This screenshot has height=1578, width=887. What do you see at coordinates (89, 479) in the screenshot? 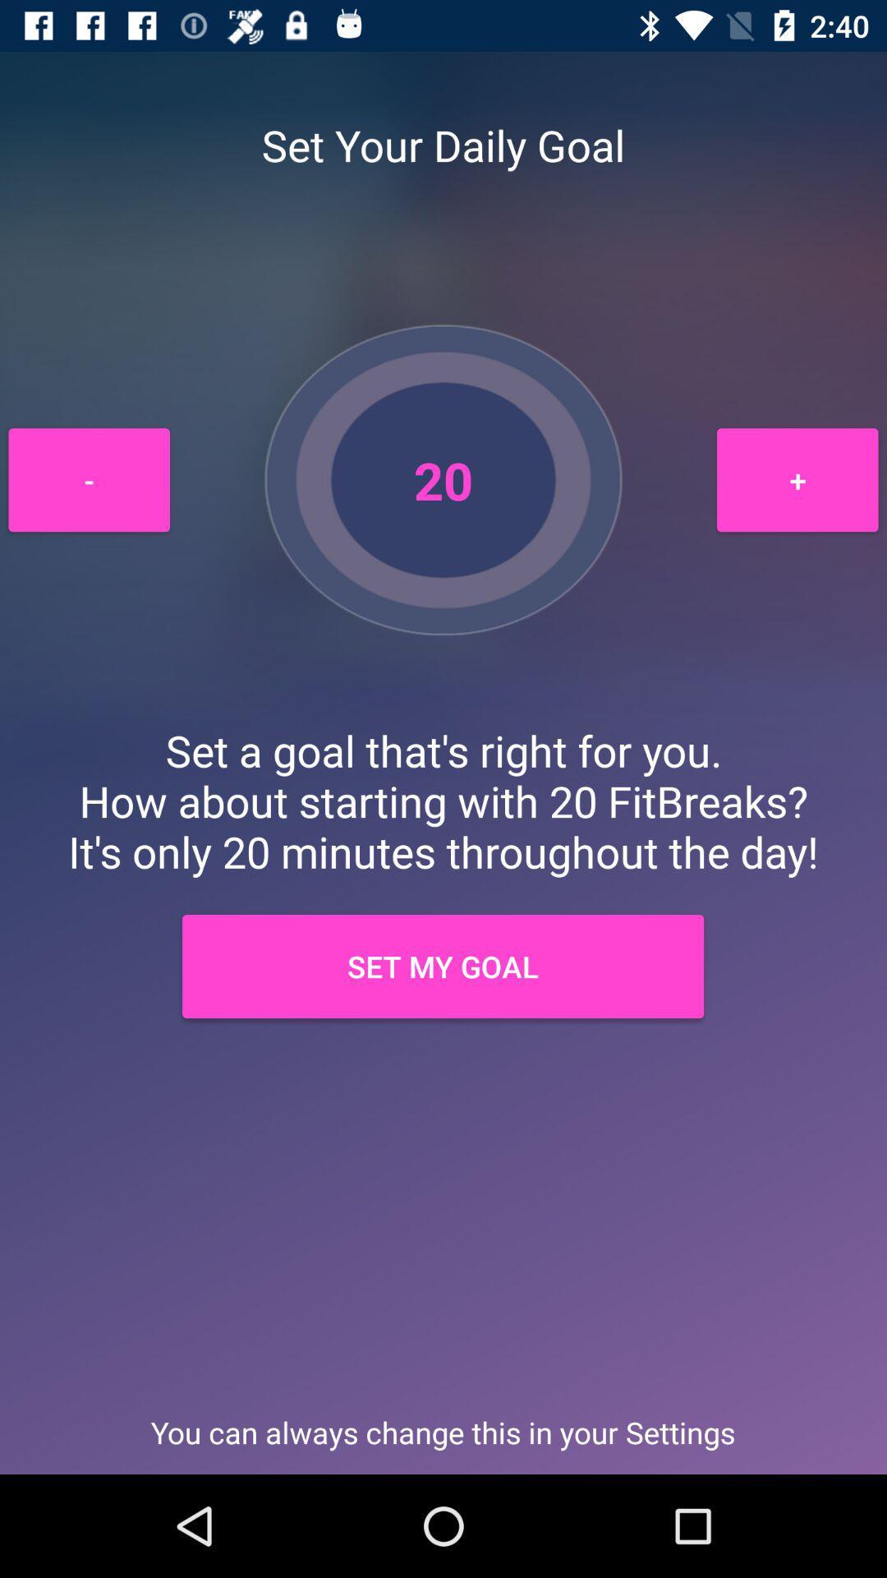
I see `the item next to 20 icon` at bounding box center [89, 479].